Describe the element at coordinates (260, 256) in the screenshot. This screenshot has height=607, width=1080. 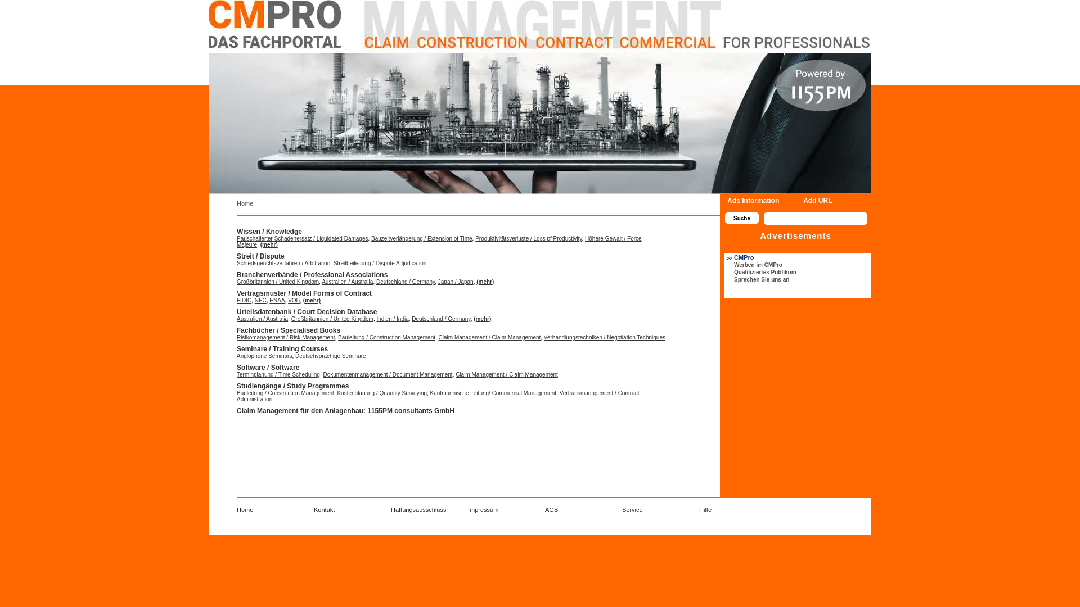
I see `'Streit / Dispute'` at that location.